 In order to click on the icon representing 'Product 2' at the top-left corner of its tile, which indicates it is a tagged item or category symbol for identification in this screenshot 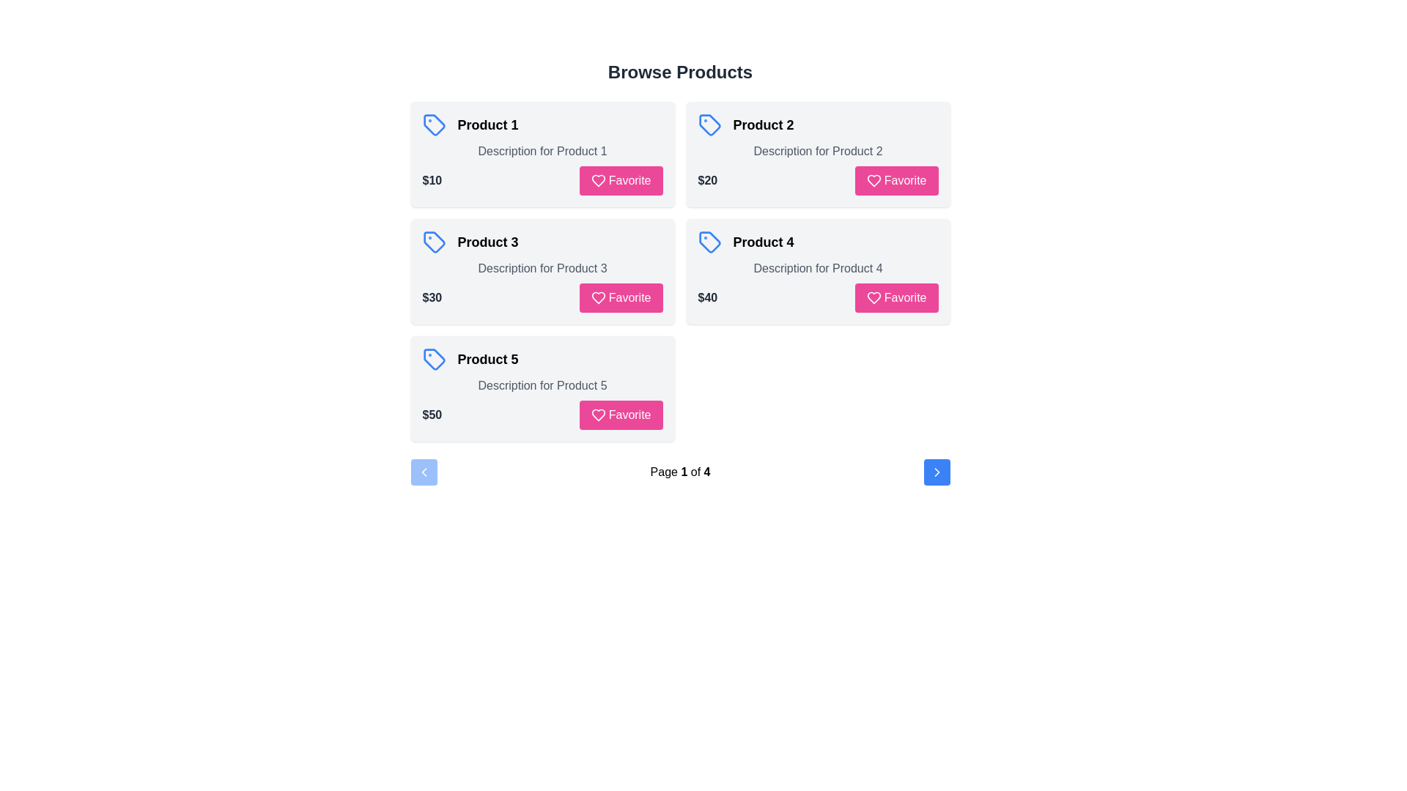, I will do `click(709, 124)`.